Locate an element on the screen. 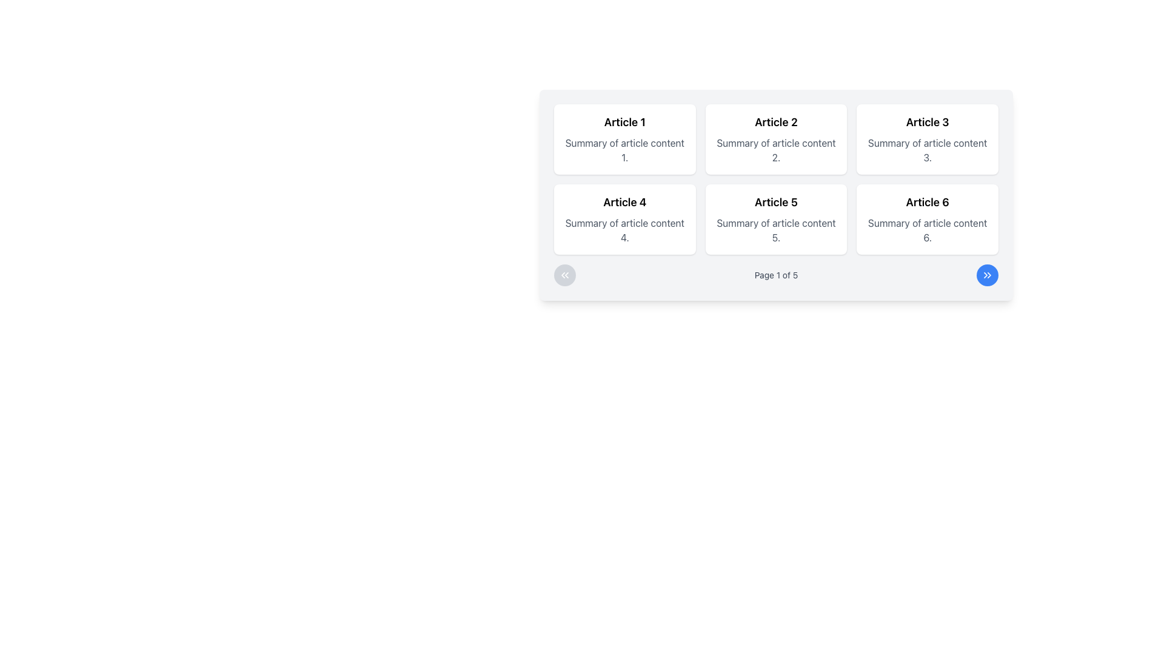 The height and width of the screenshot is (655, 1164). the text block displaying 'Summary of article content 5.' located beneath the title 'Article 5.' is located at coordinates (776, 230).